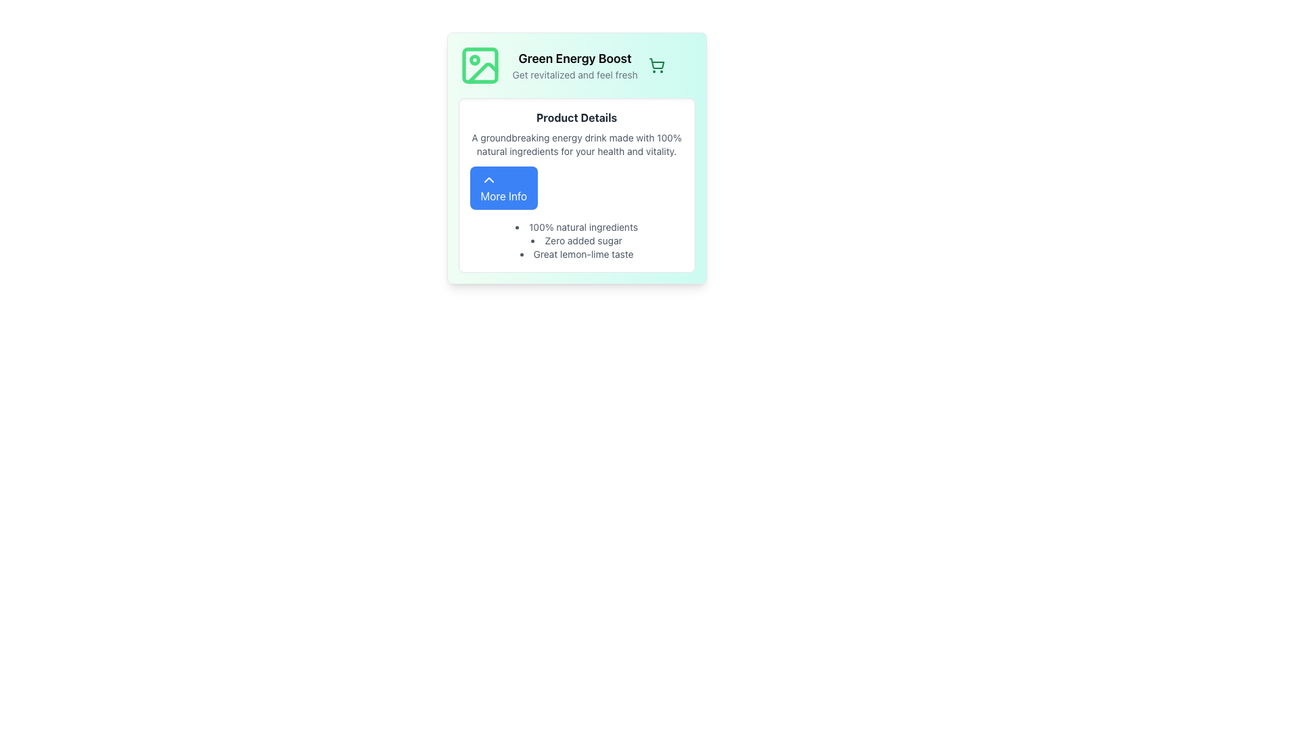 This screenshot has width=1299, height=731. Describe the element at coordinates (480, 65) in the screenshot. I see `the upper-left decorative graphic component with rounded corners within the green-bordered icon located at the top-left of the card` at that location.